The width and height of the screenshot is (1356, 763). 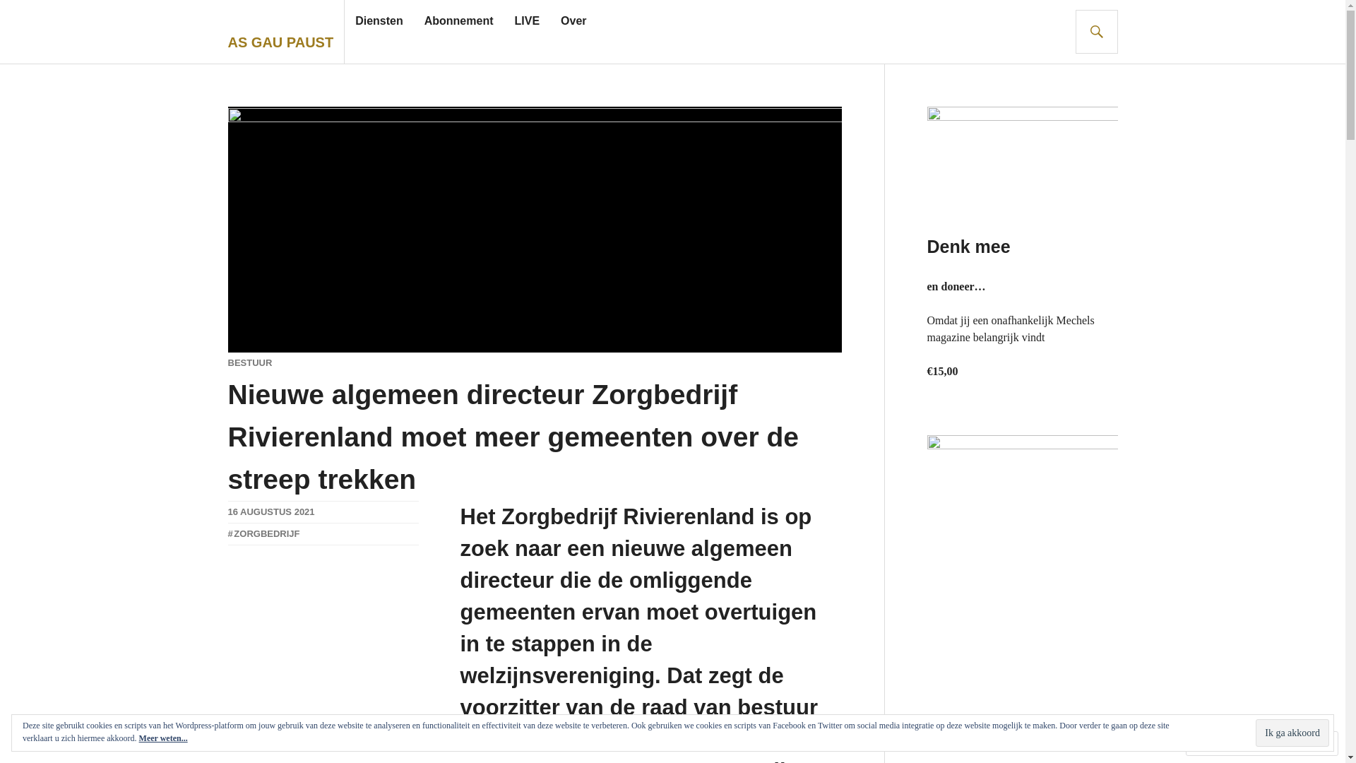 What do you see at coordinates (559, 21) in the screenshot?
I see `'Over'` at bounding box center [559, 21].